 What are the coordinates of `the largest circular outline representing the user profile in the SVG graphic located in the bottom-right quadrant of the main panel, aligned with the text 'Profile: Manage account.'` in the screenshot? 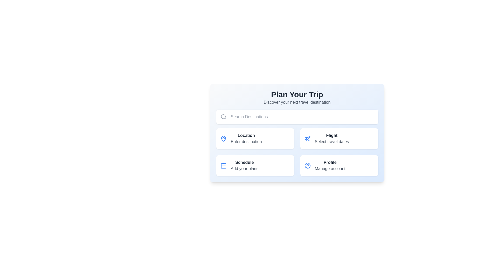 It's located at (307, 166).